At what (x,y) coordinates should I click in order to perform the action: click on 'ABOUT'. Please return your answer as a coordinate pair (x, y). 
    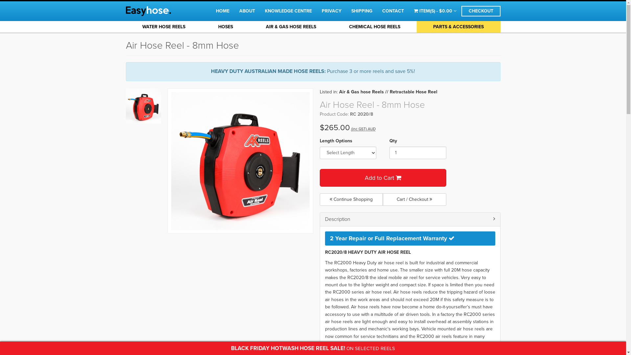
    Looking at the image, I should click on (246, 11).